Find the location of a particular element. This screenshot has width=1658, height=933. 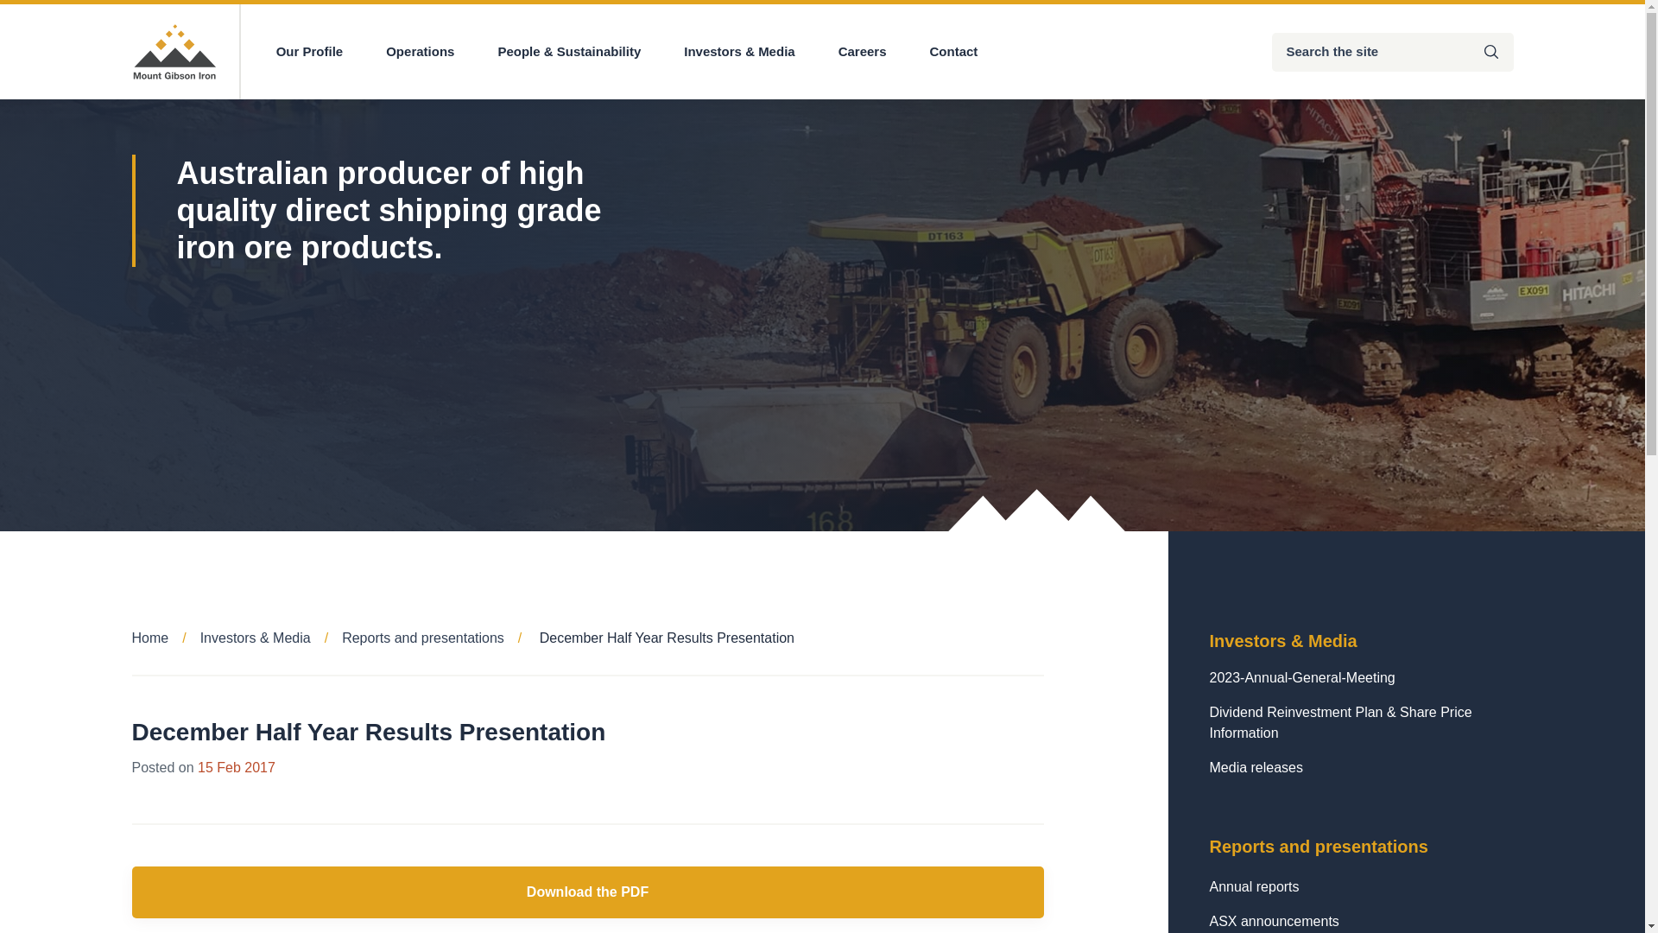

'Reports and presentations' is located at coordinates (439, 638).